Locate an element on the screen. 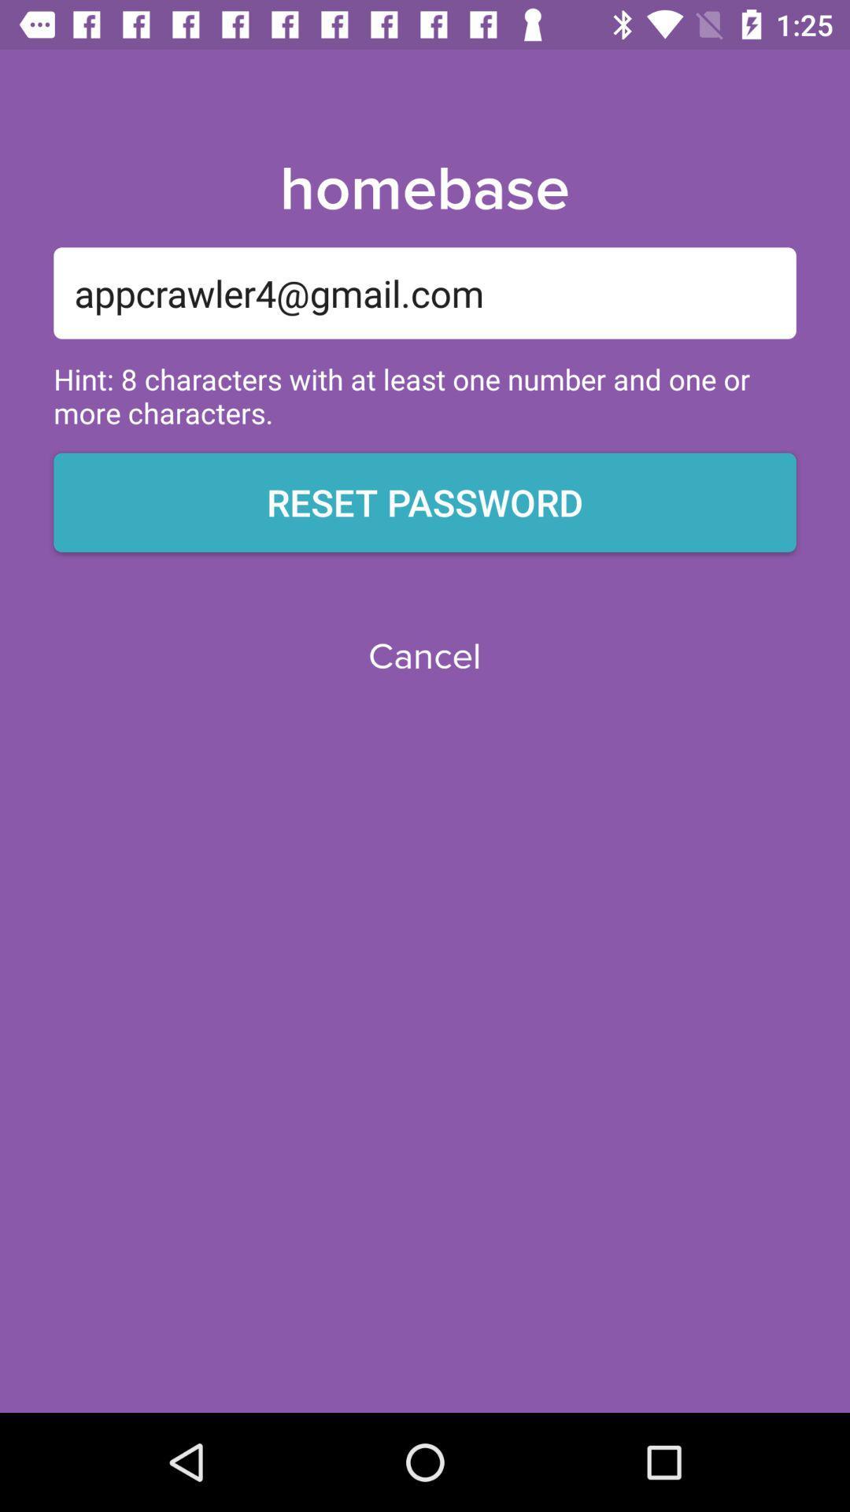 The image size is (850, 1512). item below homebase is located at coordinates (425, 293).